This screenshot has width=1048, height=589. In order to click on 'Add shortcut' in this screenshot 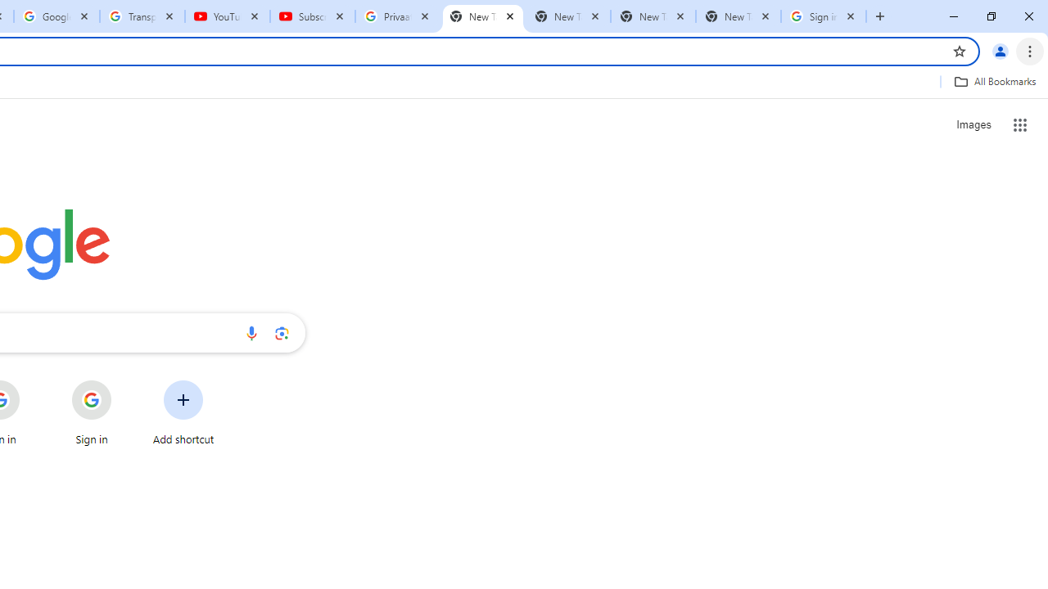, I will do `click(183, 412)`.